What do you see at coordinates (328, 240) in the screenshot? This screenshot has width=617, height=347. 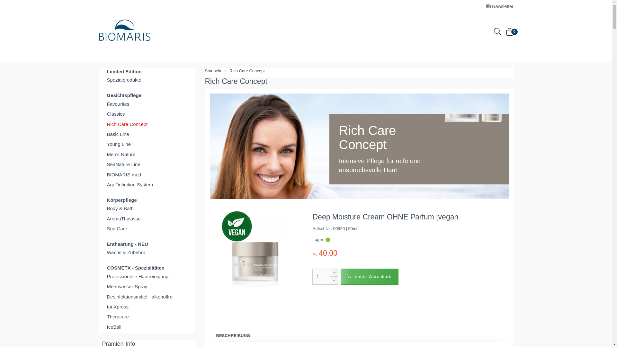 I see `'Artikel an Lager'` at bounding box center [328, 240].